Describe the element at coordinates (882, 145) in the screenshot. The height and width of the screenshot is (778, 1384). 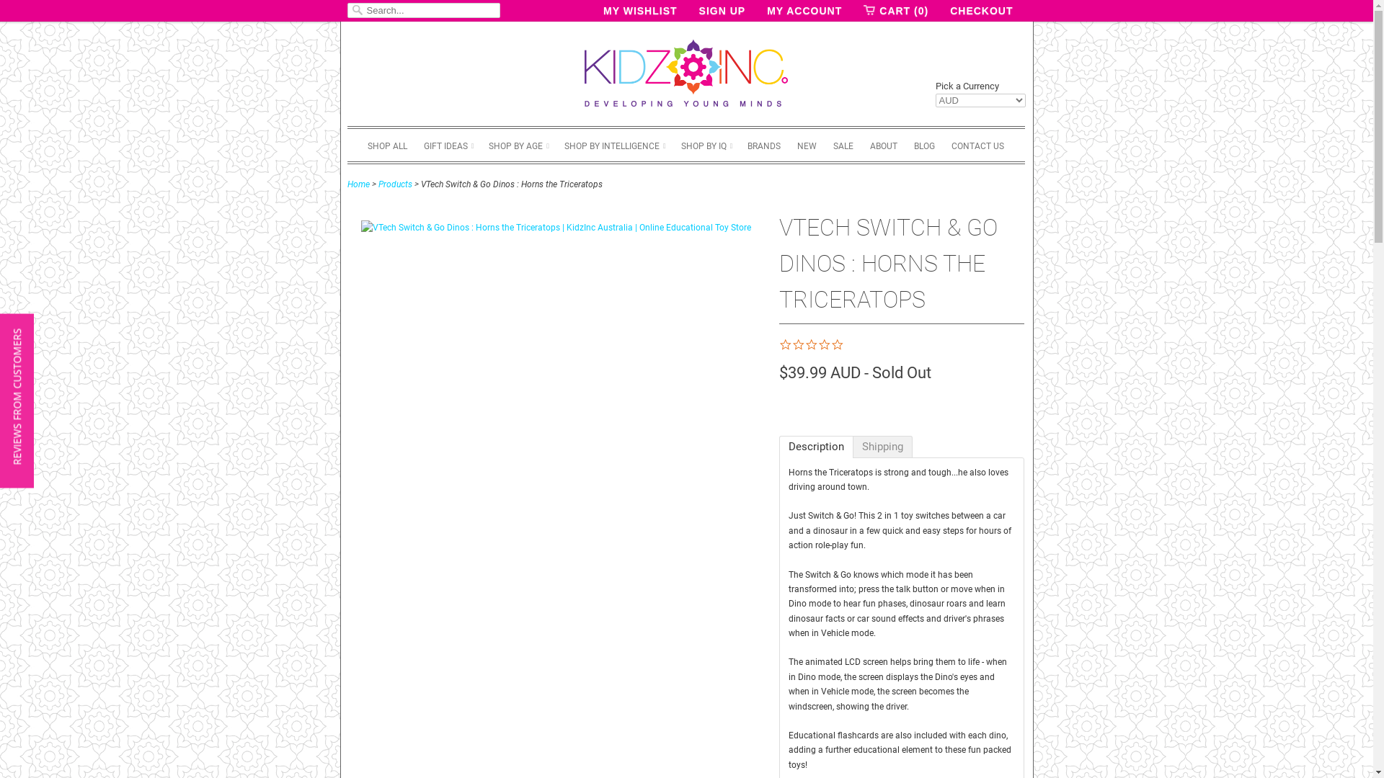
I see `'ABOUT'` at that location.